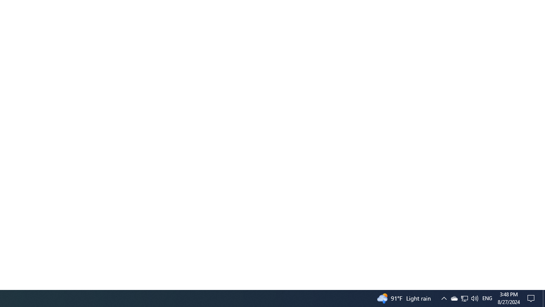 The height and width of the screenshot is (307, 545). Describe the element at coordinates (464, 298) in the screenshot. I see `'User Promoted Notification Area'` at that location.